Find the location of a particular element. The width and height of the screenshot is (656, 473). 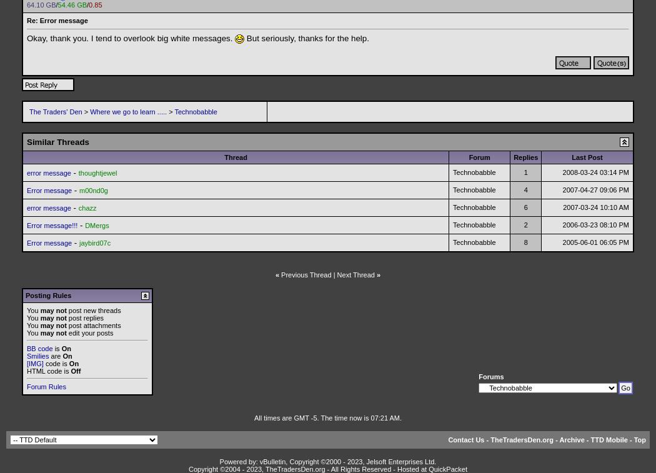

'Archive' is located at coordinates (571, 439).